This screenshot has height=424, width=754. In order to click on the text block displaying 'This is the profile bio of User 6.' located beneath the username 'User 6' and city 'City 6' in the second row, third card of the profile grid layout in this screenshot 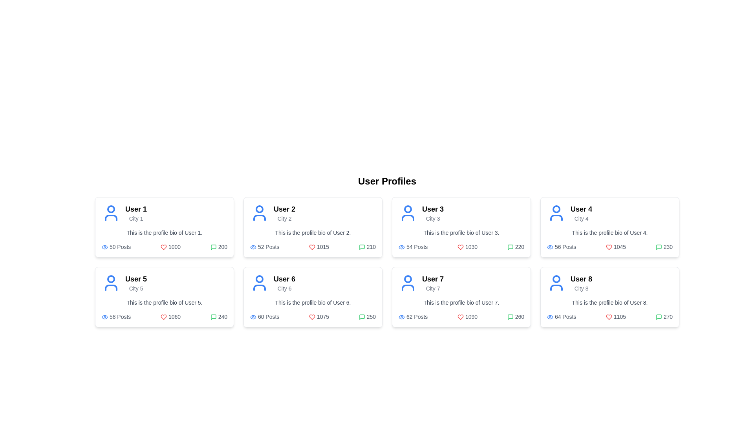, I will do `click(312, 302)`.